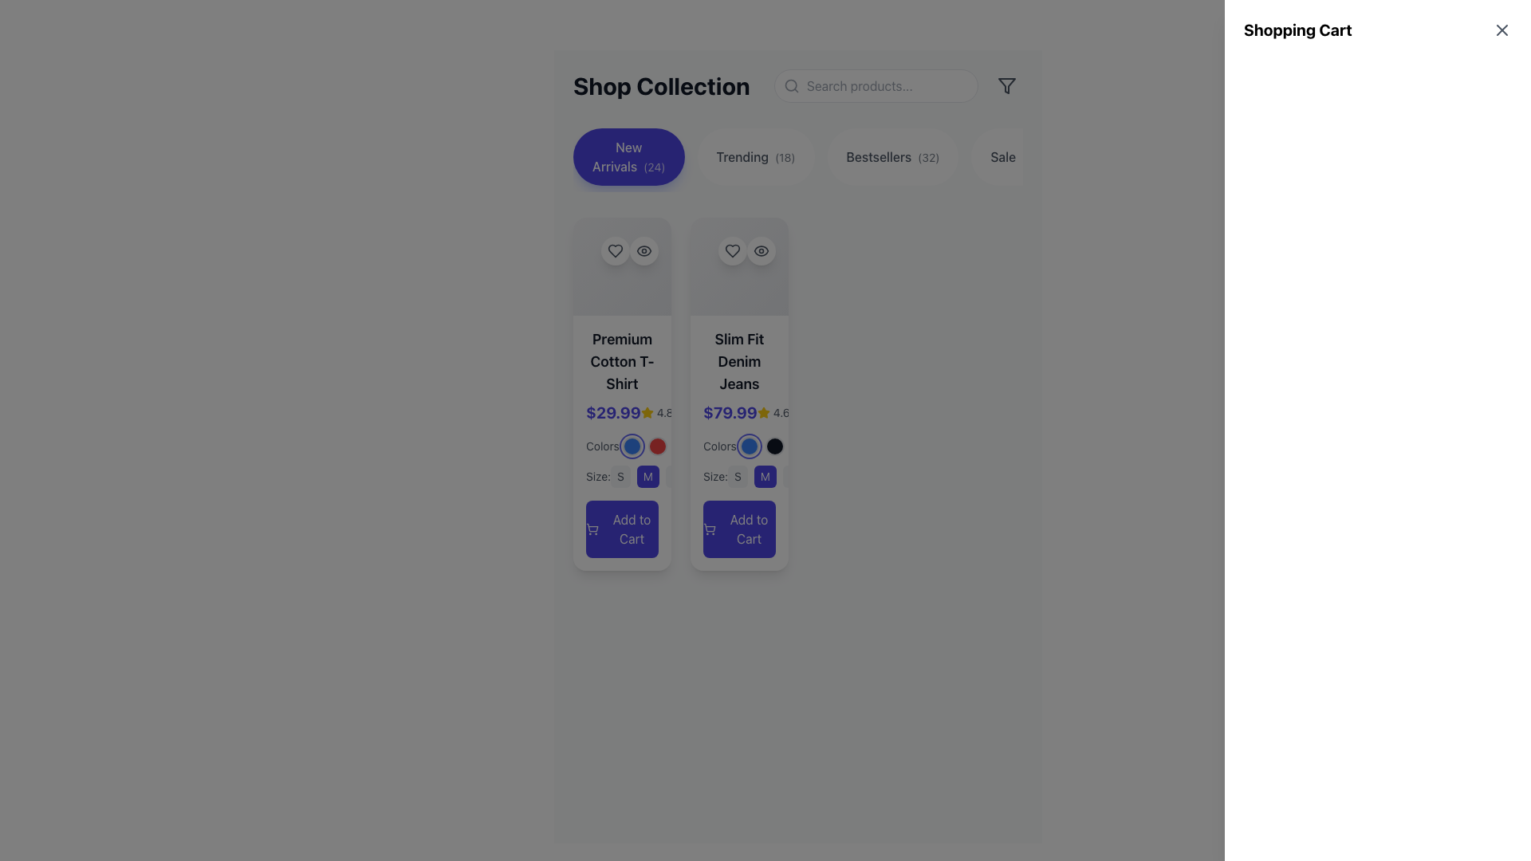 This screenshot has height=861, width=1531. I want to click on the highlighted size option 'M' in the interactive selection component for the 'Slim Fit Denim Jeans' card, so click(738, 462).